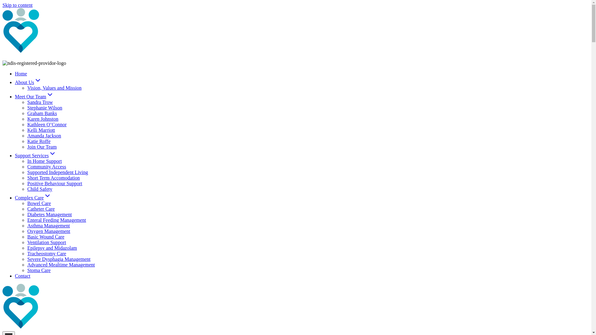 The width and height of the screenshot is (596, 335). I want to click on 'Oxygen Management', so click(48, 231).